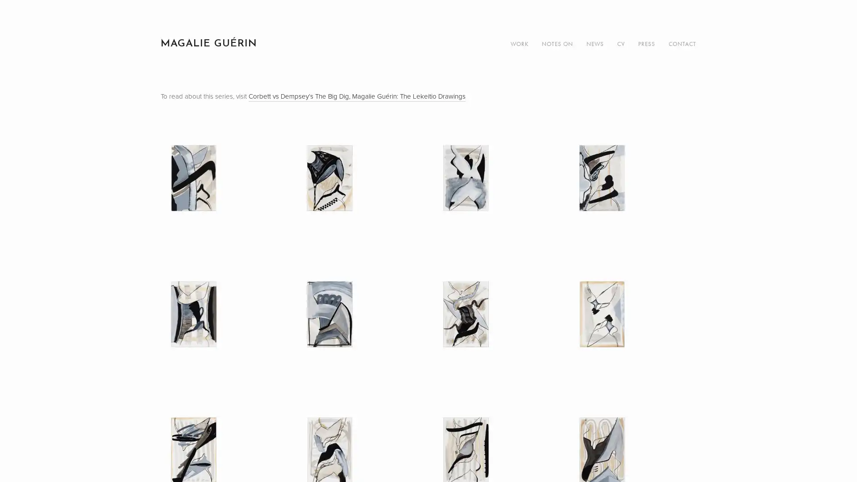  What do you see at coordinates (224, 344) in the screenshot?
I see `View fullsize Untitled (LK 05), 2019` at bounding box center [224, 344].